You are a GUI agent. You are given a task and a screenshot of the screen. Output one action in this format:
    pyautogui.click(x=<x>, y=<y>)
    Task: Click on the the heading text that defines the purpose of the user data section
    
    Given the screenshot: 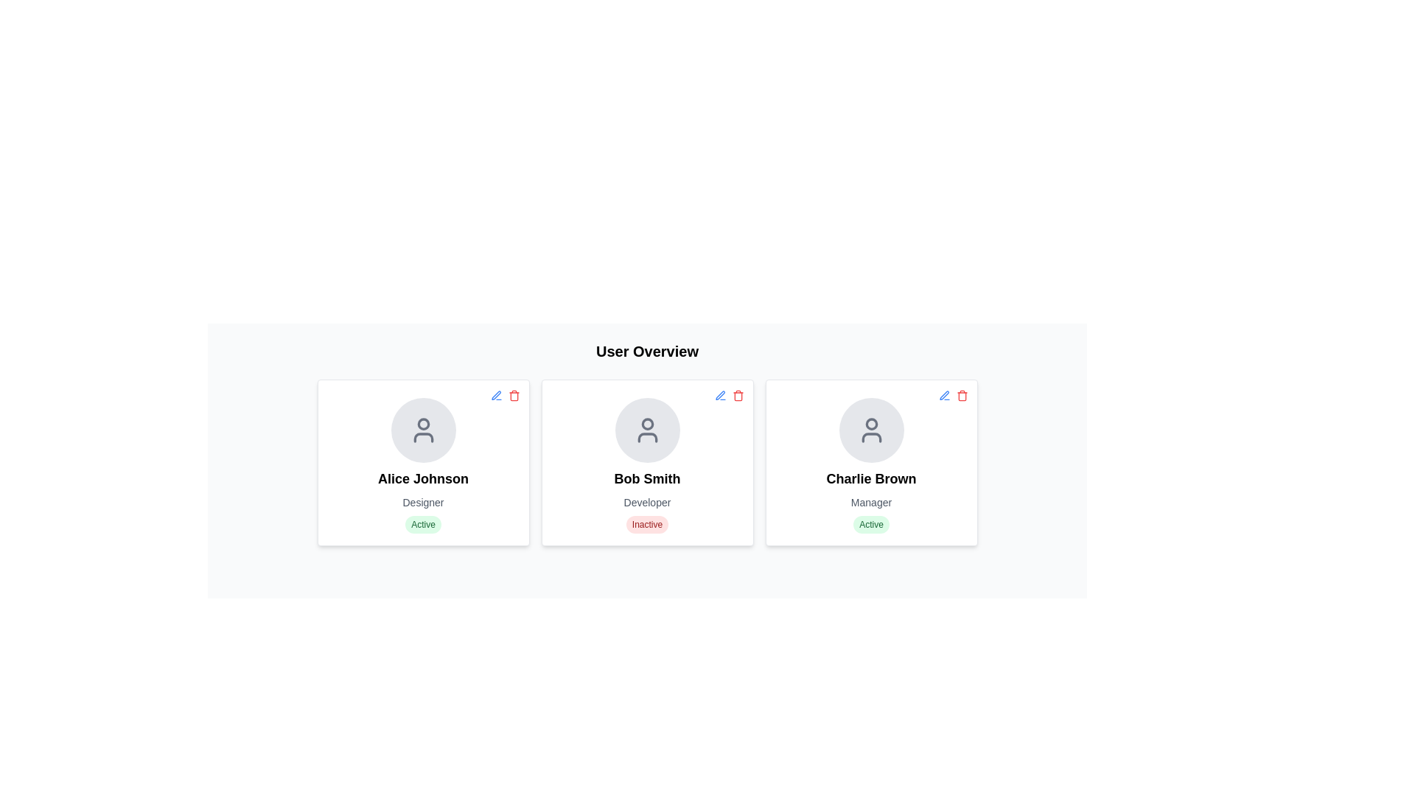 What is the action you would take?
    pyautogui.click(x=647, y=352)
    